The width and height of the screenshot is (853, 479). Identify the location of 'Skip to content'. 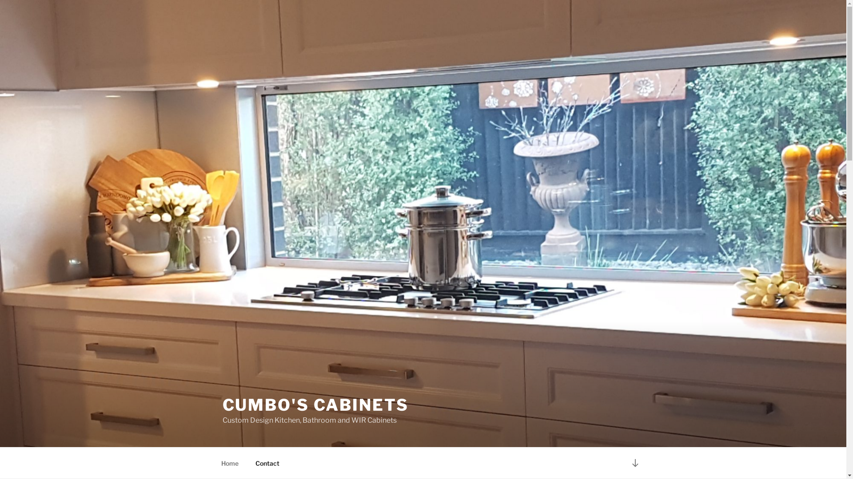
(0, 0).